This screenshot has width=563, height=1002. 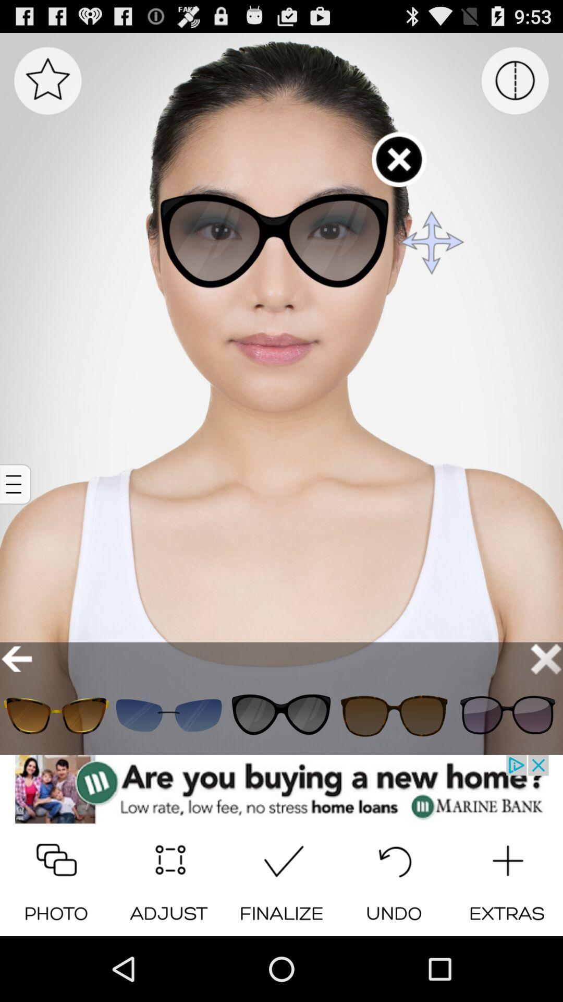 I want to click on sunglasses, so click(x=394, y=715).